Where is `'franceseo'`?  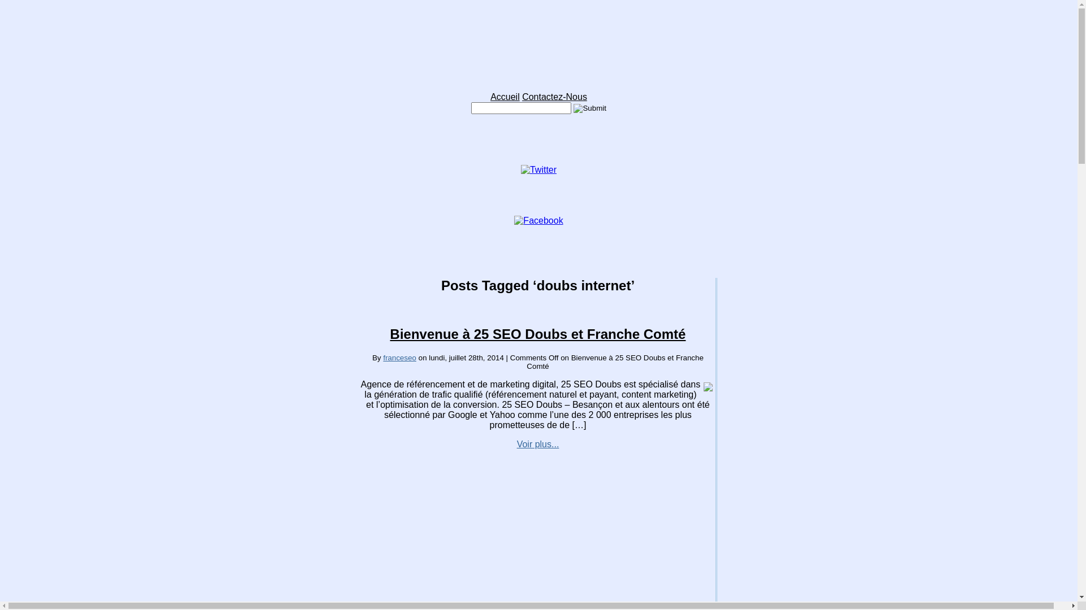 'franceseo' is located at coordinates (399, 358).